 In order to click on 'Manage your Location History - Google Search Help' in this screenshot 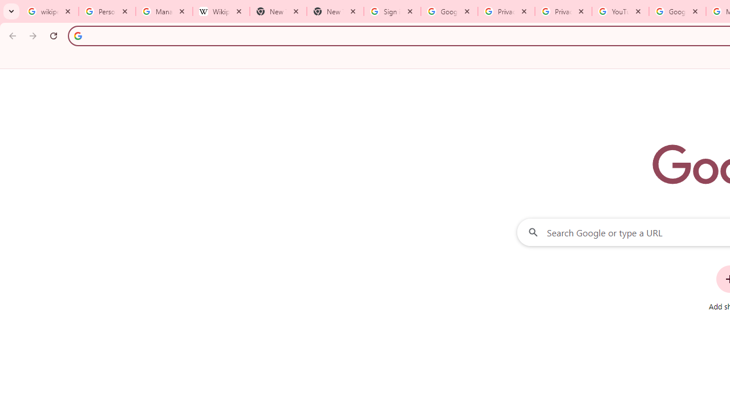, I will do `click(164, 11)`.